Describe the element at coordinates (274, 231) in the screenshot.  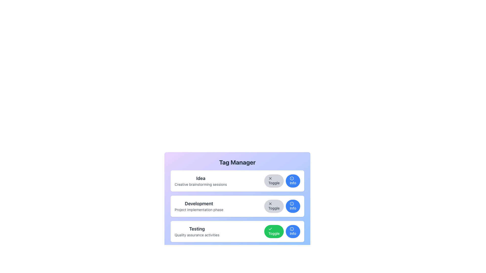
I see `the toggle button located in the 'Testing' row of the 'Tag Manager' interface to change its activation state` at that location.